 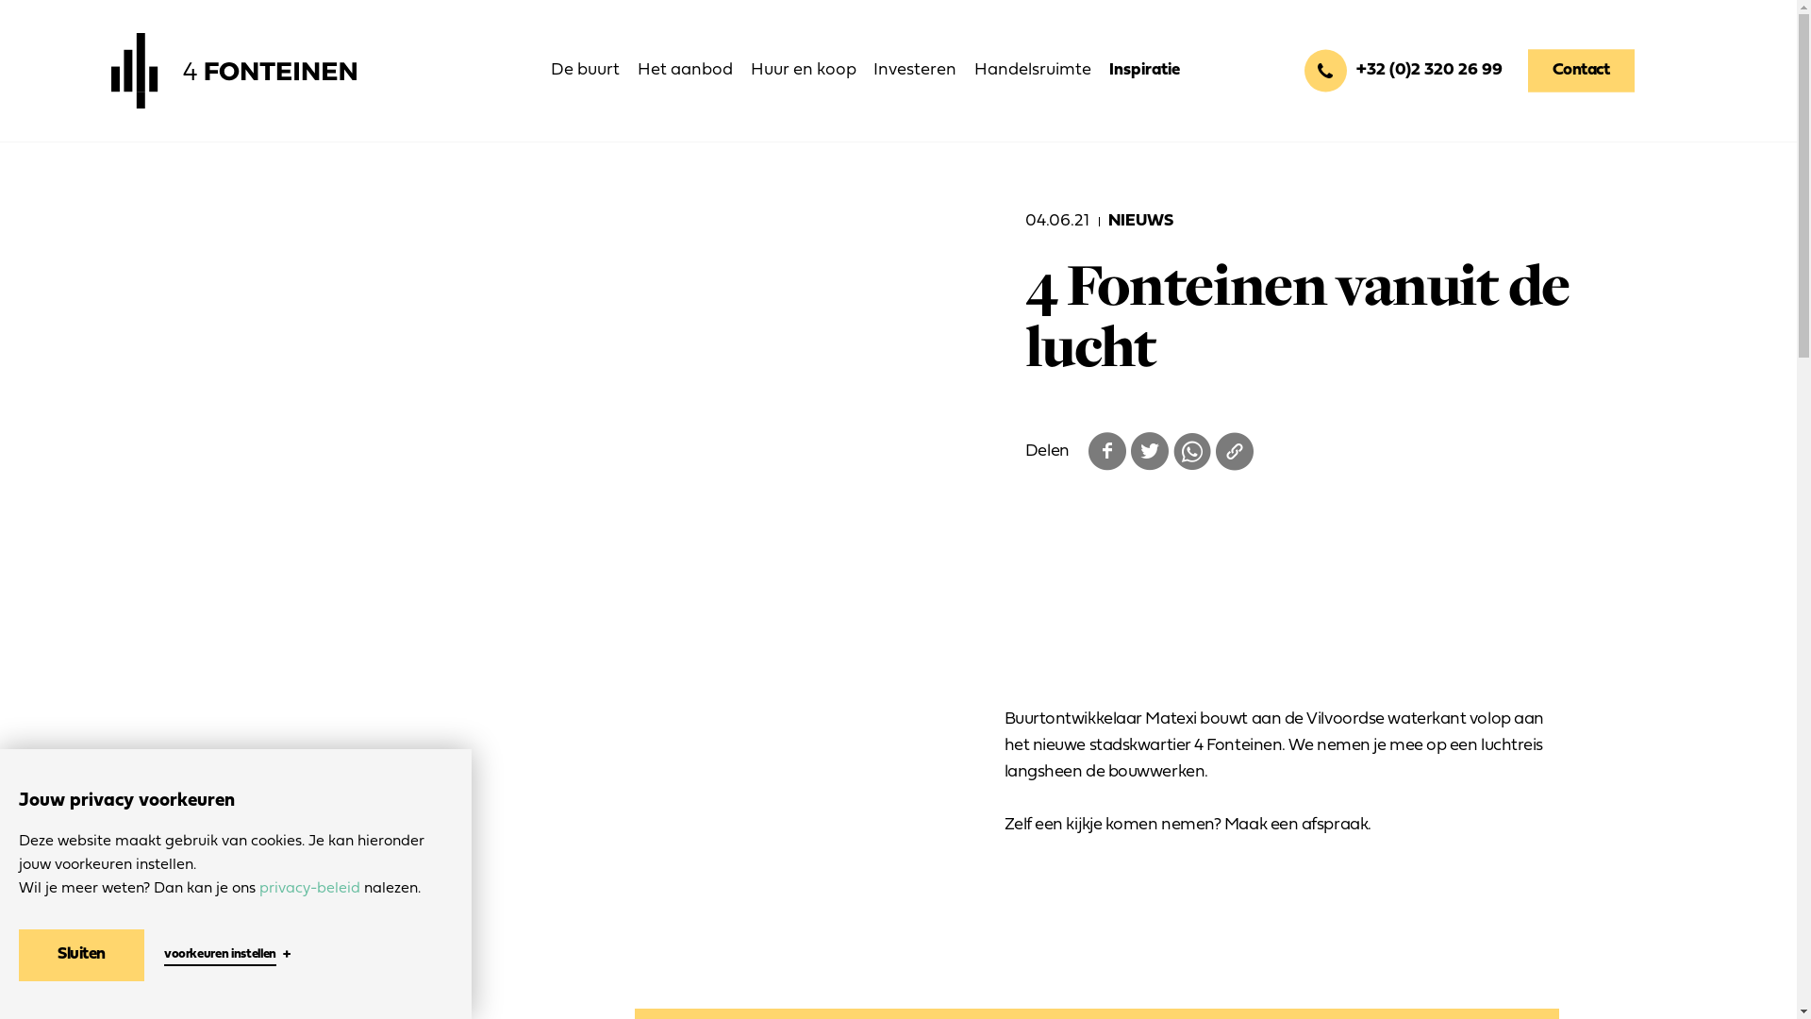 I want to click on 'Investeren', so click(x=872, y=69).